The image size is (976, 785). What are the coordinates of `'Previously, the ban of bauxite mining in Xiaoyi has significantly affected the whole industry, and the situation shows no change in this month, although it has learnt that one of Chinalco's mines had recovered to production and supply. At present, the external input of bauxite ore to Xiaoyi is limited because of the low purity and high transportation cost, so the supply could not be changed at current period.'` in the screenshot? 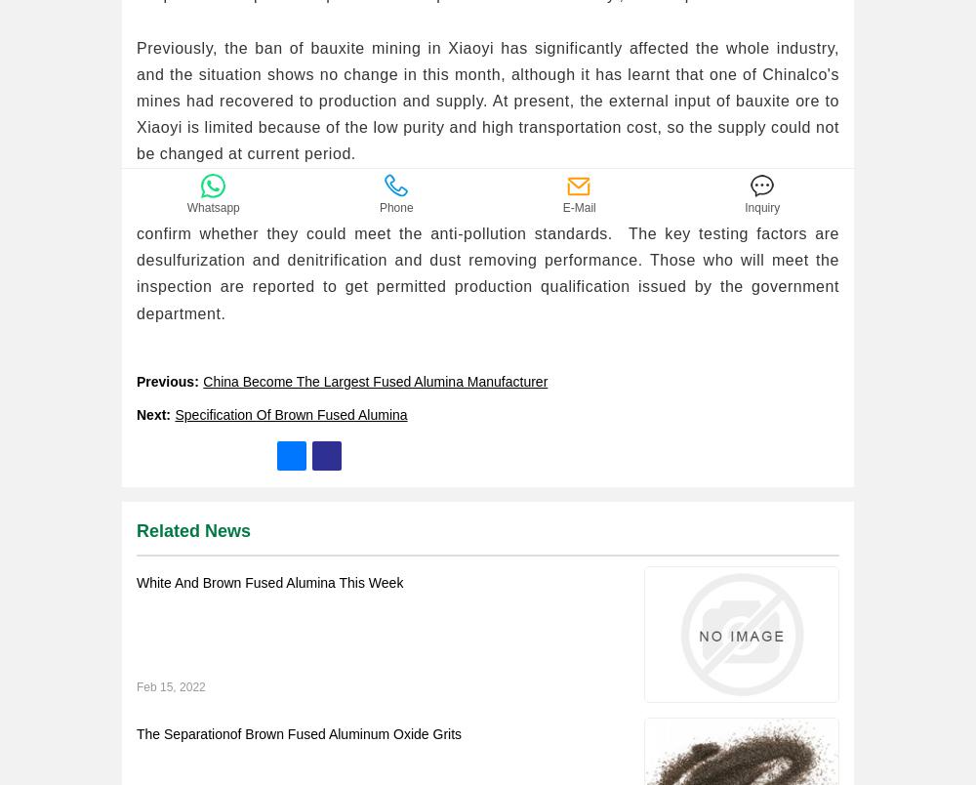 It's located at (488, 100).